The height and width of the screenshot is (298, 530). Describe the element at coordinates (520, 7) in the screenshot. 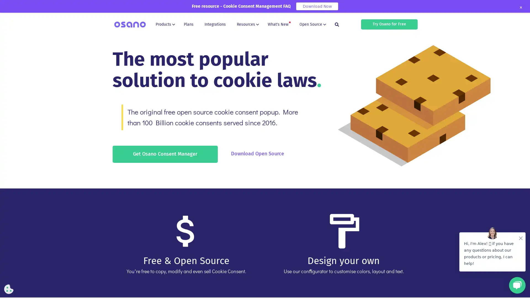

I see `Close` at that location.